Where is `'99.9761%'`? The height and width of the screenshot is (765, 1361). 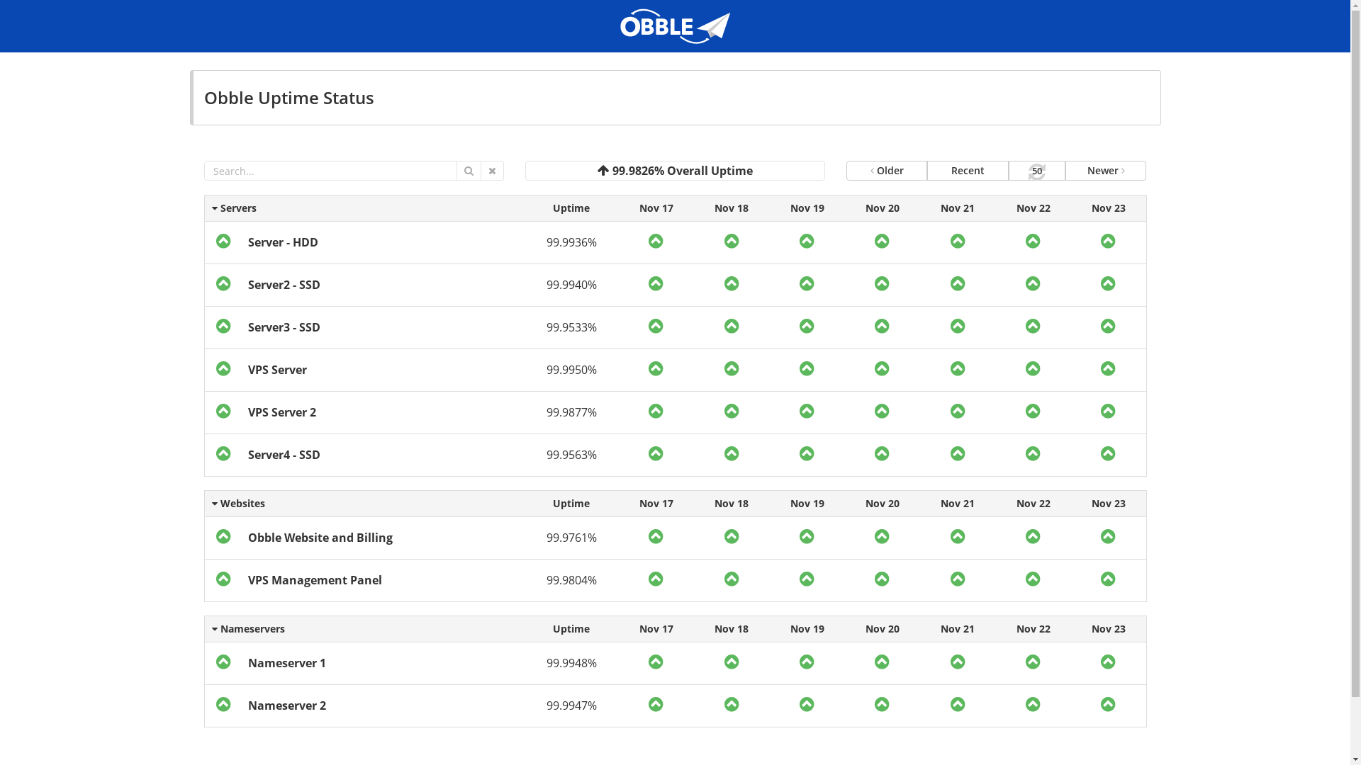 '99.9761%' is located at coordinates (571, 538).